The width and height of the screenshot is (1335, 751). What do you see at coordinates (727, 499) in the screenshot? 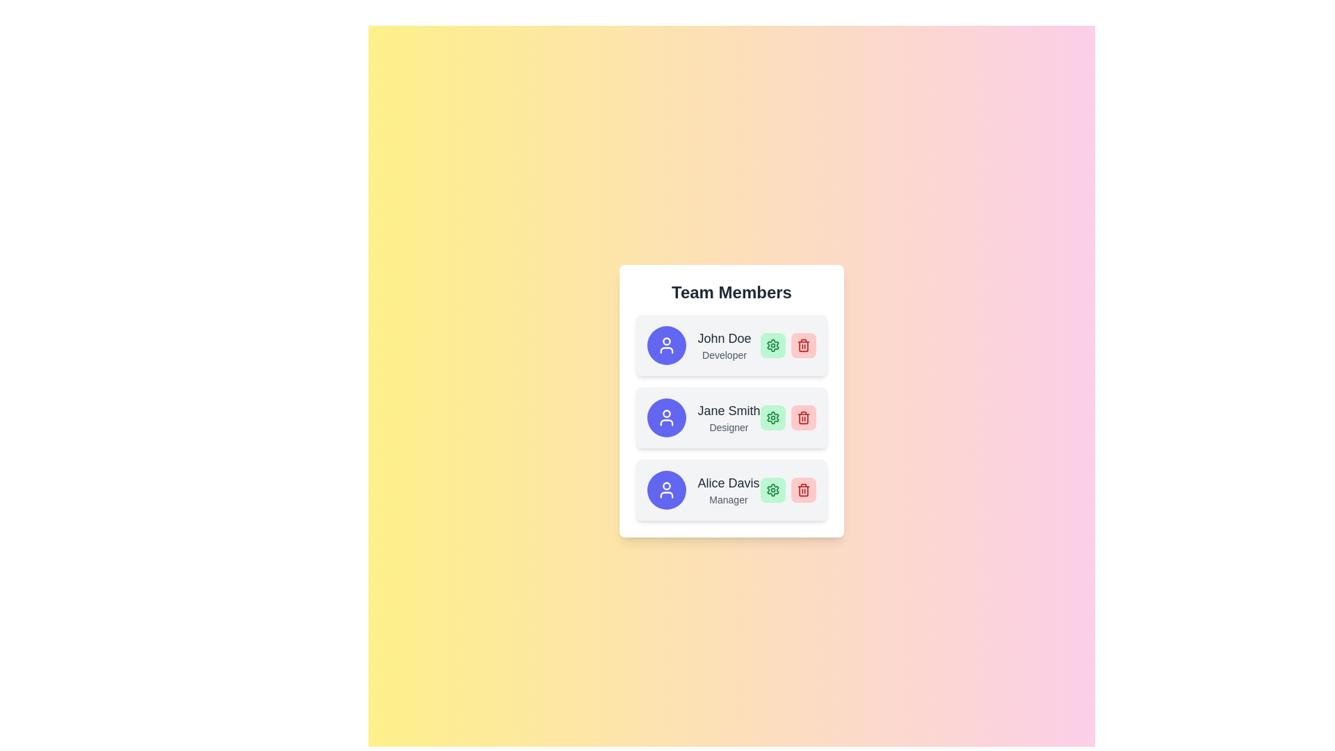
I see `text label indicating the role of 'Alice Davis' in the team, positioned directly below her name in the user information card` at bounding box center [727, 499].